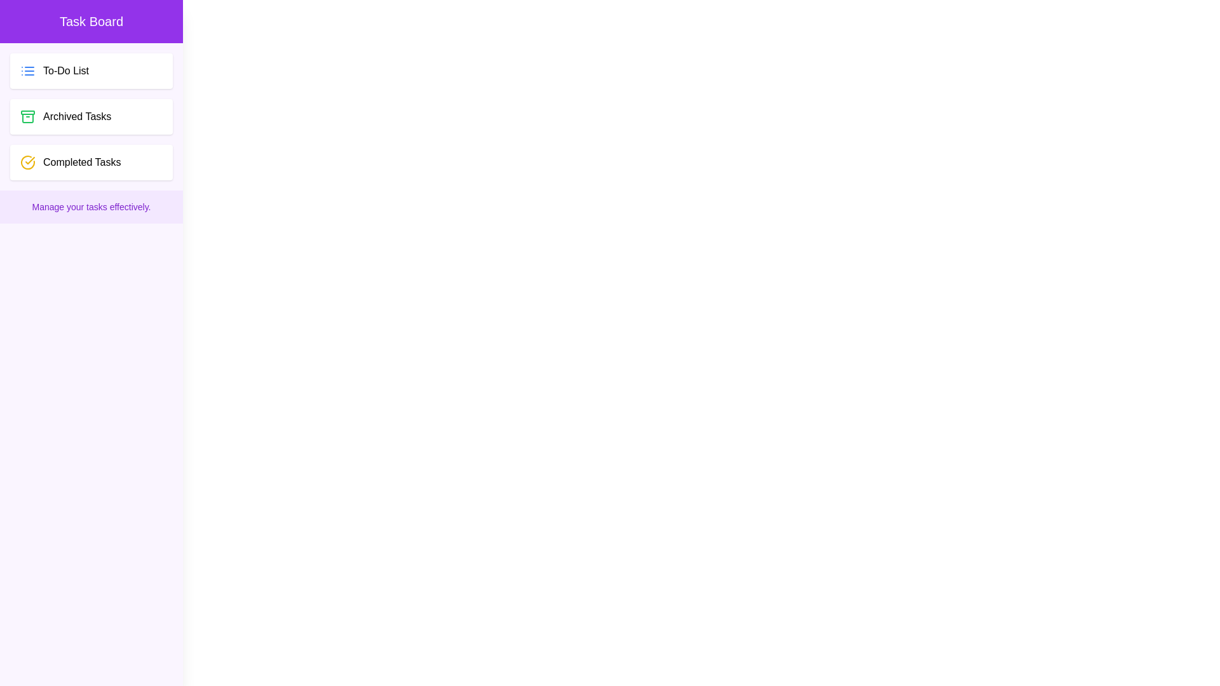  Describe the element at coordinates (27, 71) in the screenshot. I see `the decorative icon next to the To-Do List task category` at that location.